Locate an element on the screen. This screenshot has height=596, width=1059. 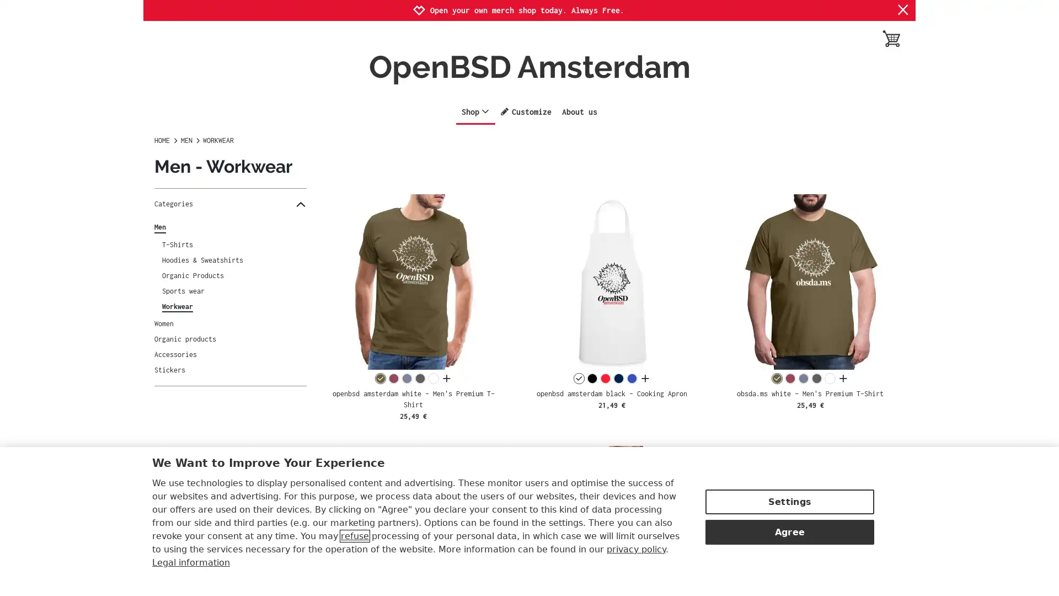
navy is located at coordinates (618, 378).